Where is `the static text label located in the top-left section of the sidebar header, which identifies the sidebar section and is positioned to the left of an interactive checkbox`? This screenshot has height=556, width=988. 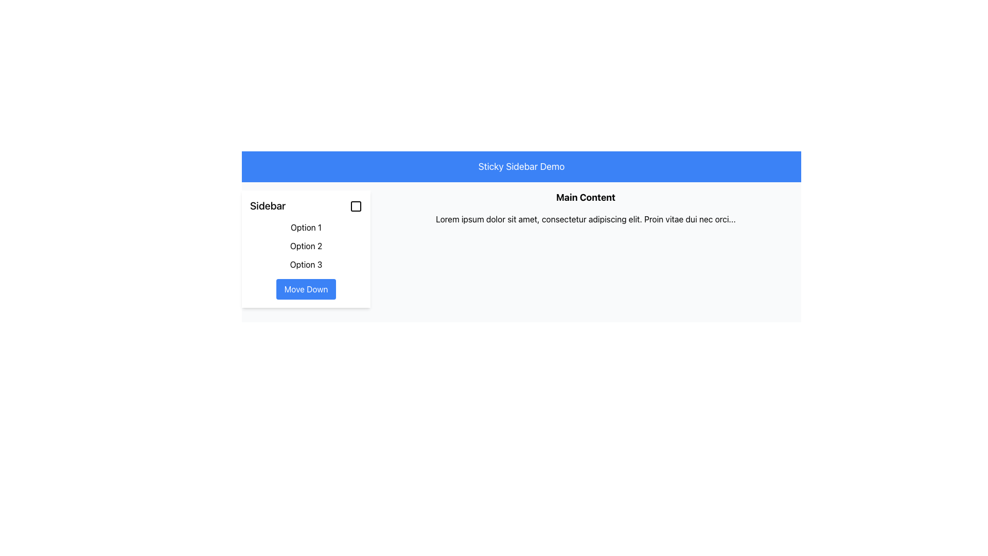 the static text label located in the top-left section of the sidebar header, which identifies the sidebar section and is positioned to the left of an interactive checkbox is located at coordinates (268, 206).